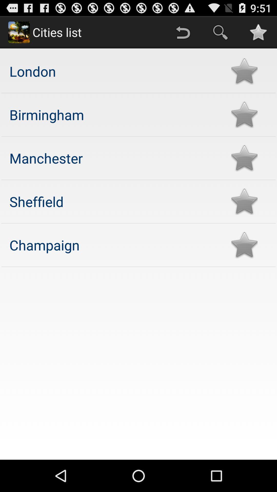 The image size is (277, 492). I want to click on rating/like, so click(244, 71).